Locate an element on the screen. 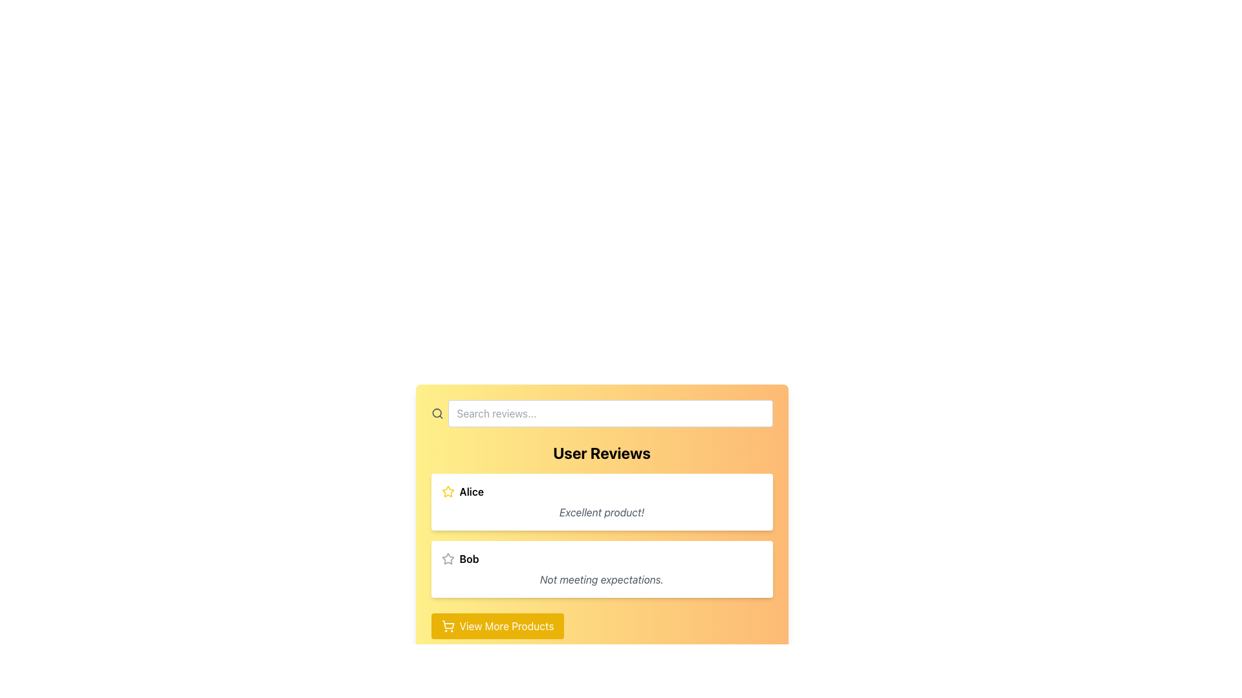 This screenshot has height=698, width=1242. the text label 'Bob', which is the second user name in the 'User Reviews' section, positioned next to a star icon is located at coordinates (468, 558).